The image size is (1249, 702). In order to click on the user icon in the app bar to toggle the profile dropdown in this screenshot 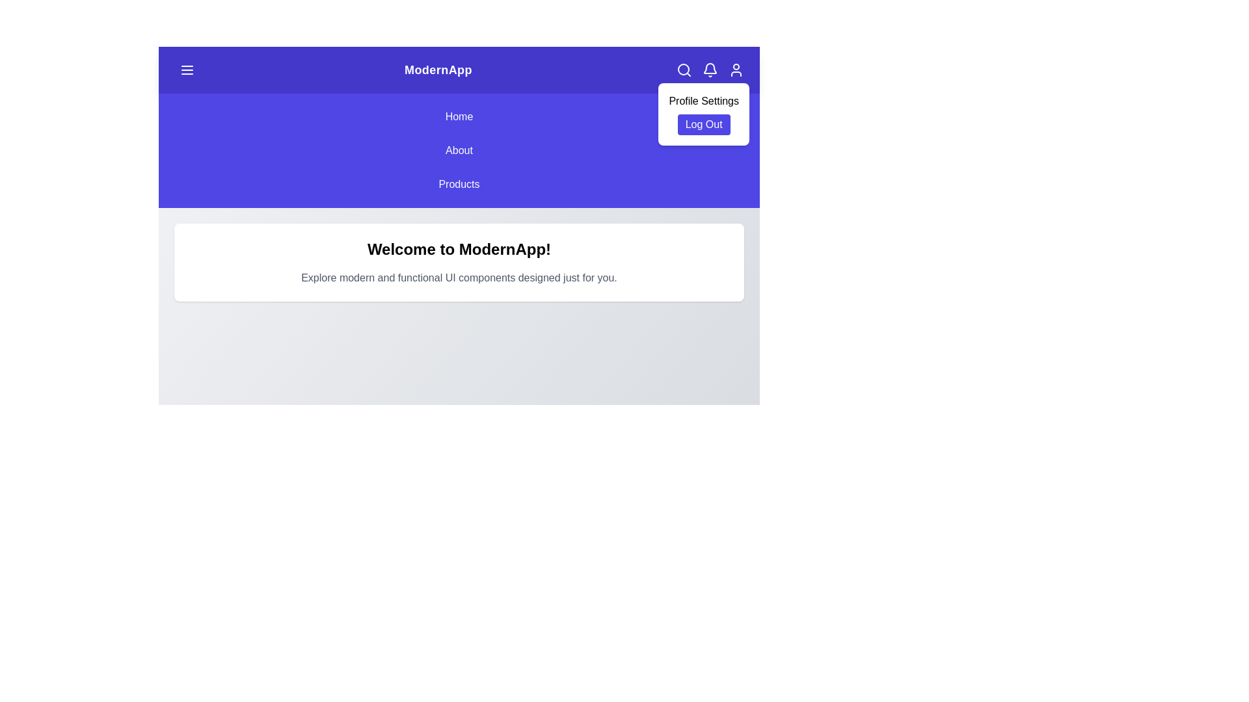, I will do `click(736, 70)`.